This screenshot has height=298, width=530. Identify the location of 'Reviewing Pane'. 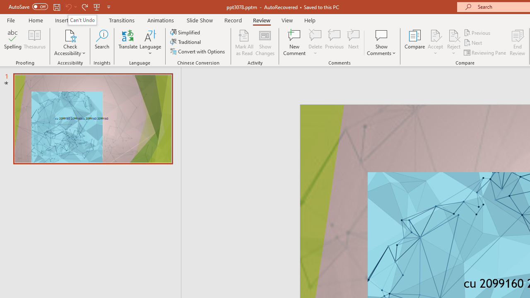
(486, 53).